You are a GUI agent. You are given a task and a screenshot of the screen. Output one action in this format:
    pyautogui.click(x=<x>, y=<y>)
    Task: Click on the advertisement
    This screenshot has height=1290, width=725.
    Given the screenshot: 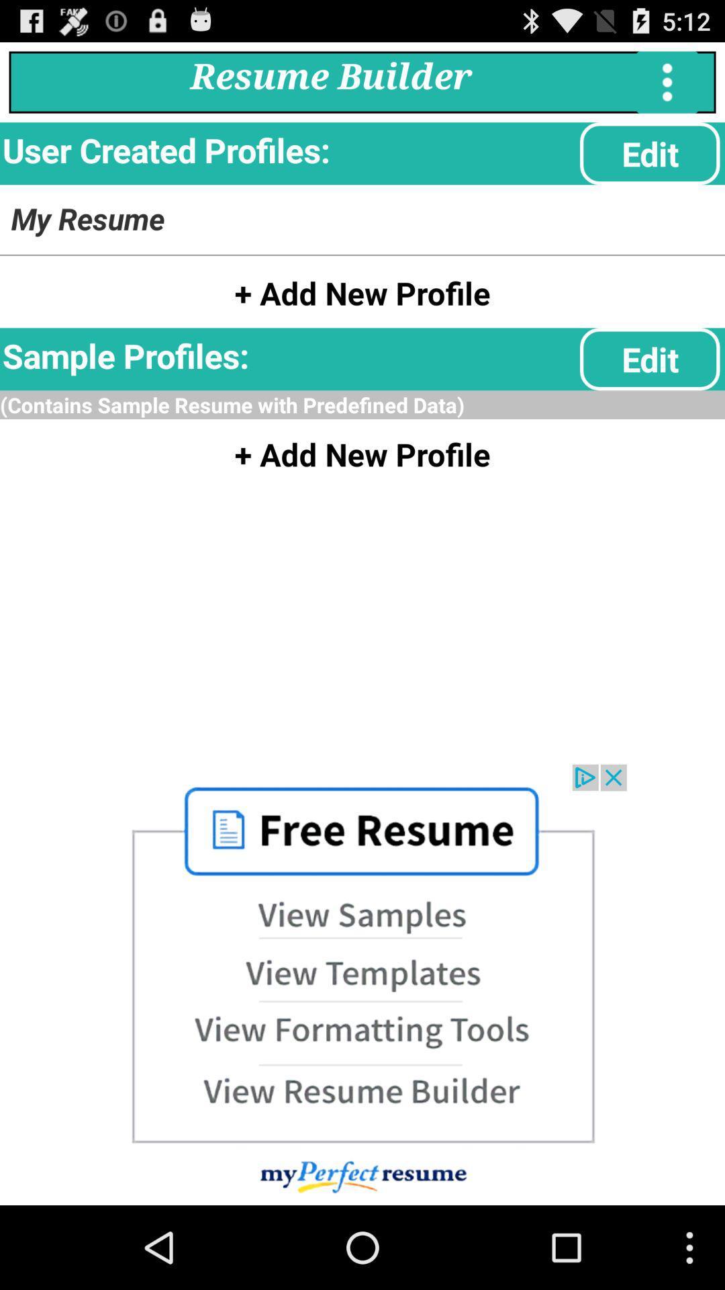 What is the action you would take?
    pyautogui.click(x=362, y=984)
    